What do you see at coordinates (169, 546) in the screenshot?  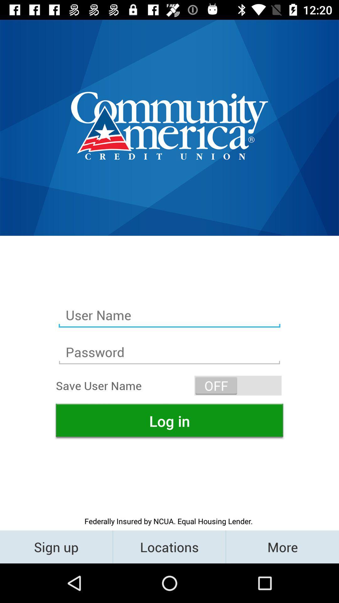 I see `option left to more at bottom` at bounding box center [169, 546].